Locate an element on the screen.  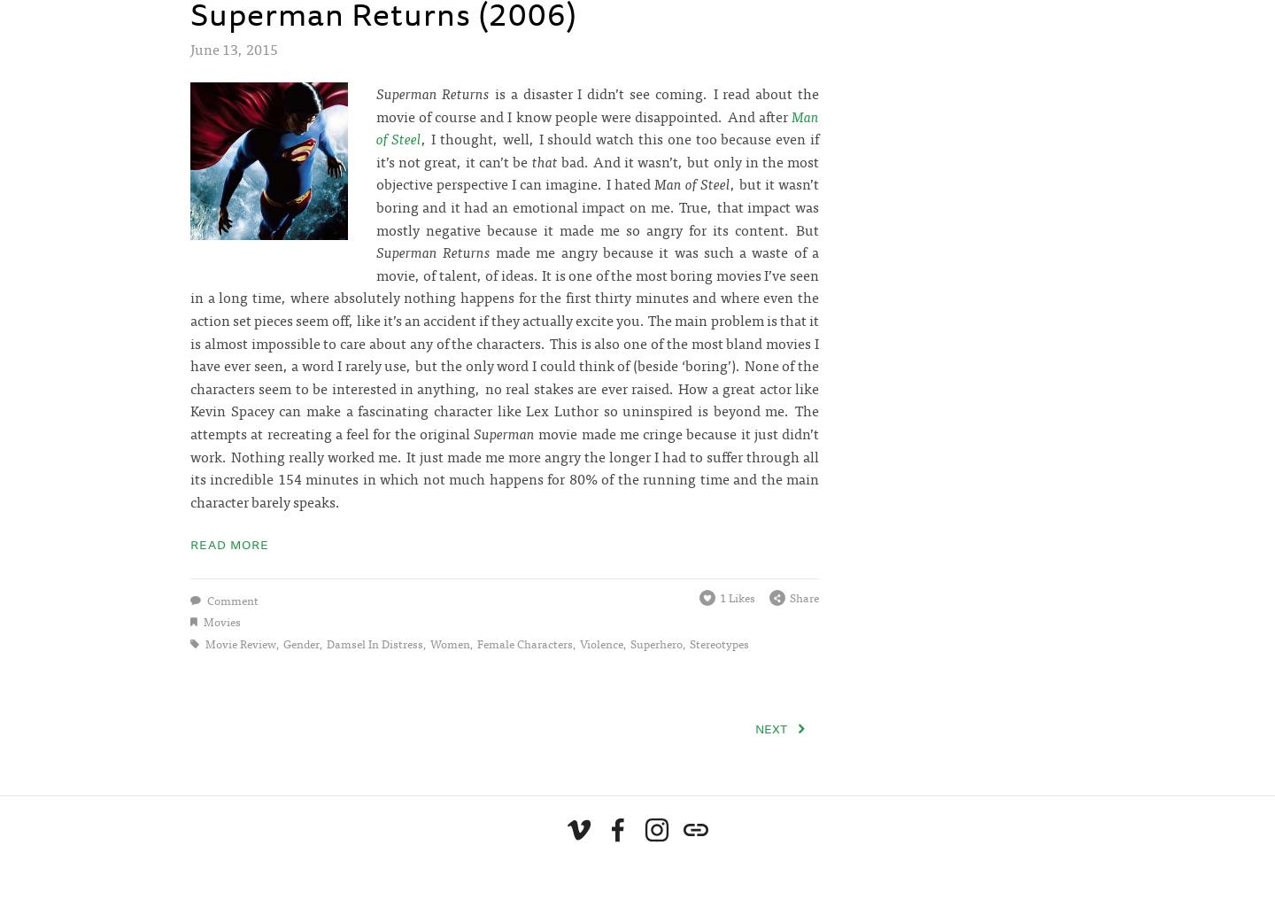
'is a disaster I didn’t see coming. I read about the movie of course and I know people were disappointed. And after' is located at coordinates (597, 104).